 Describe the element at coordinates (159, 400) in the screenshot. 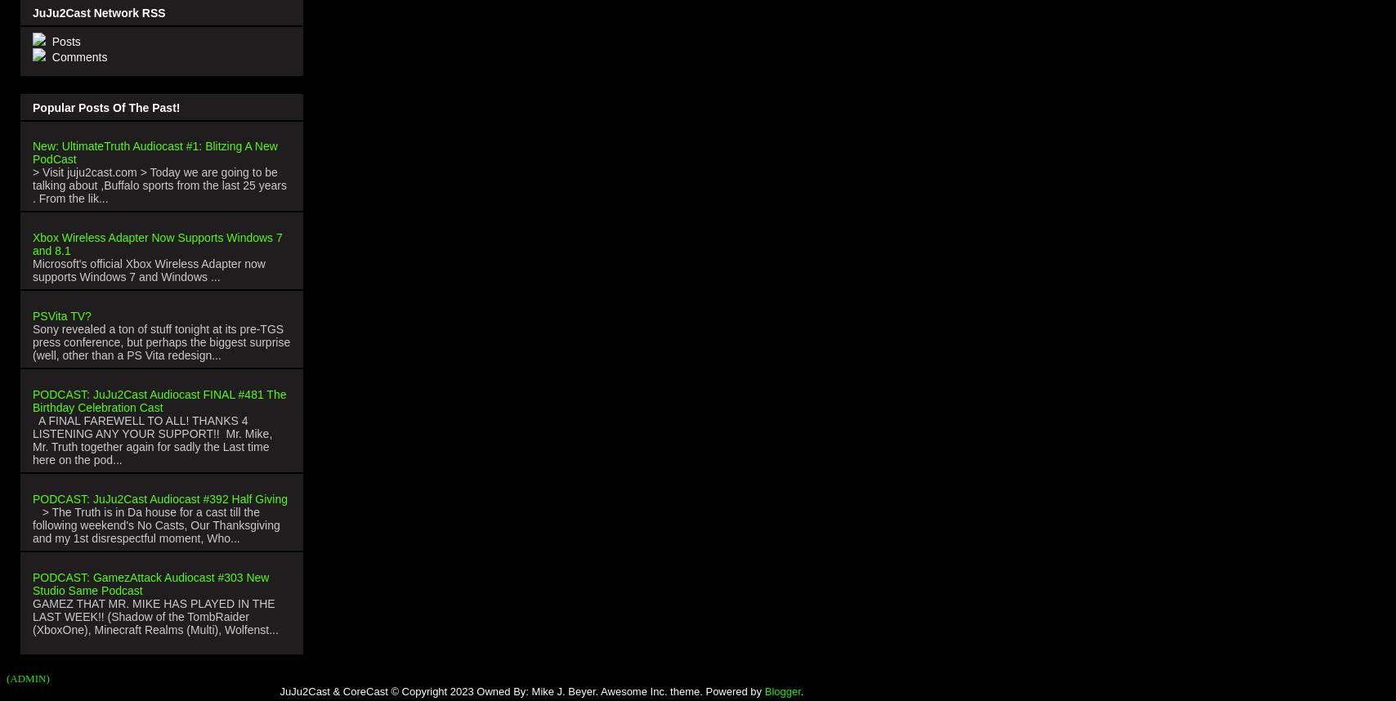

I see `'PODCAST:  JuJu2Cast Audiocast FINAL #481 The Birthday Celebration Cast'` at that location.